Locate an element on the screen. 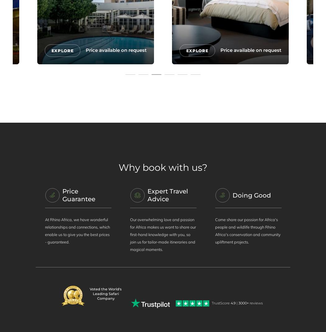  '4.9' is located at coordinates (233, 303).